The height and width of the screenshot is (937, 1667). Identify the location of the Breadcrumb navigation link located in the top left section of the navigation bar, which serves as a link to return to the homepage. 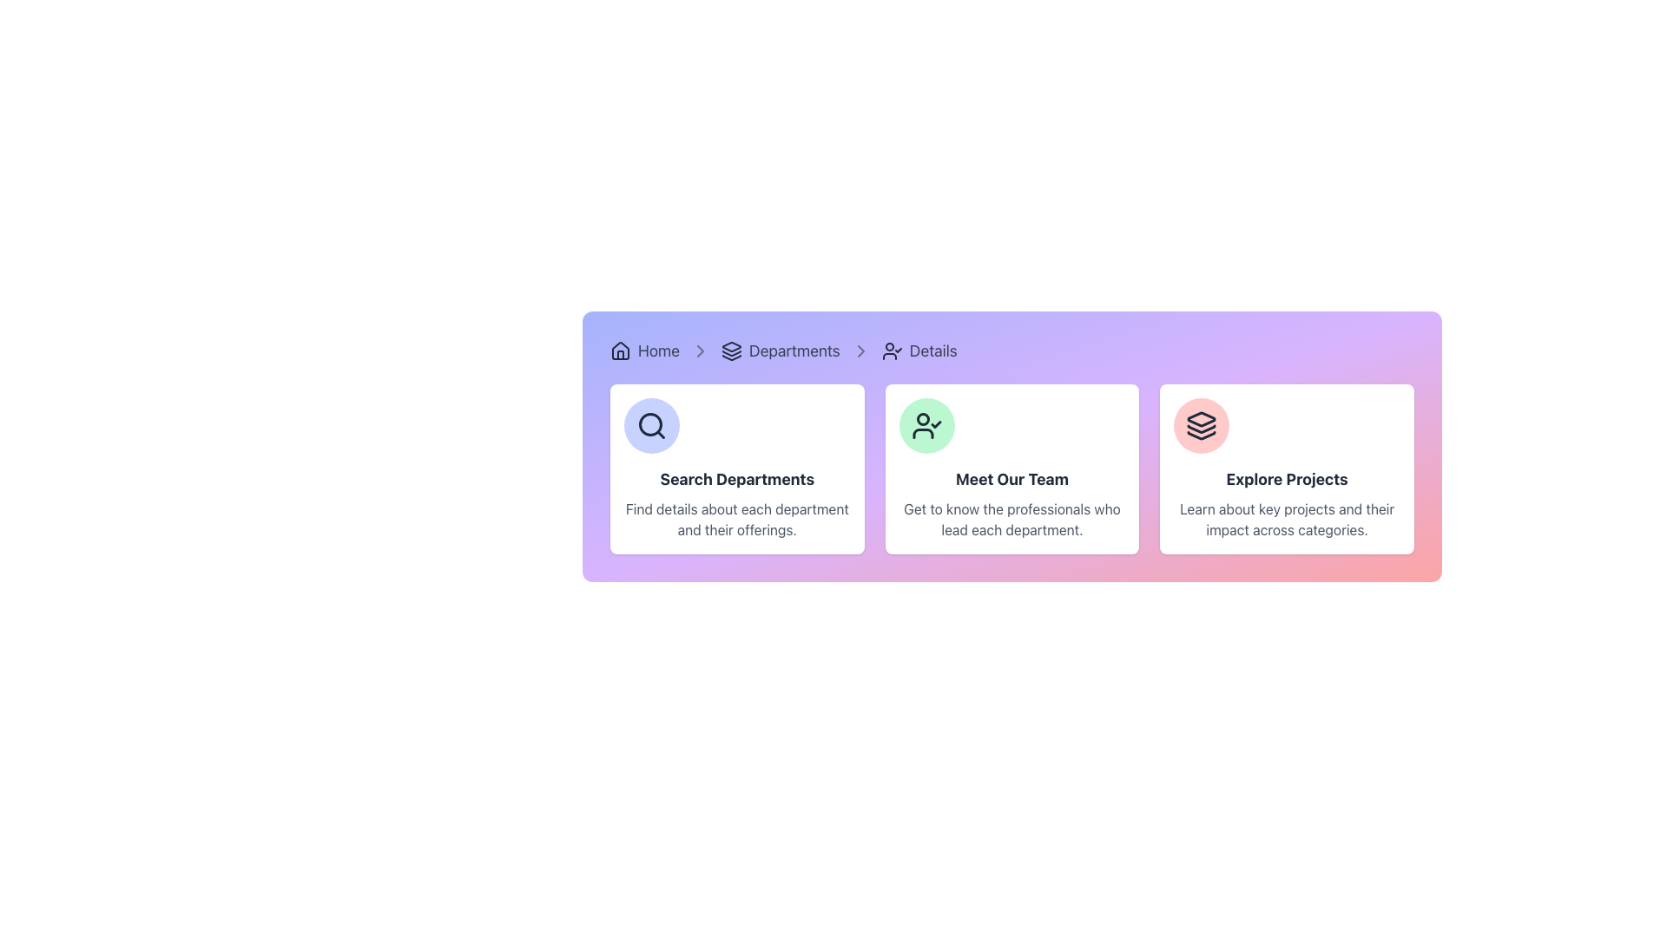
(644, 351).